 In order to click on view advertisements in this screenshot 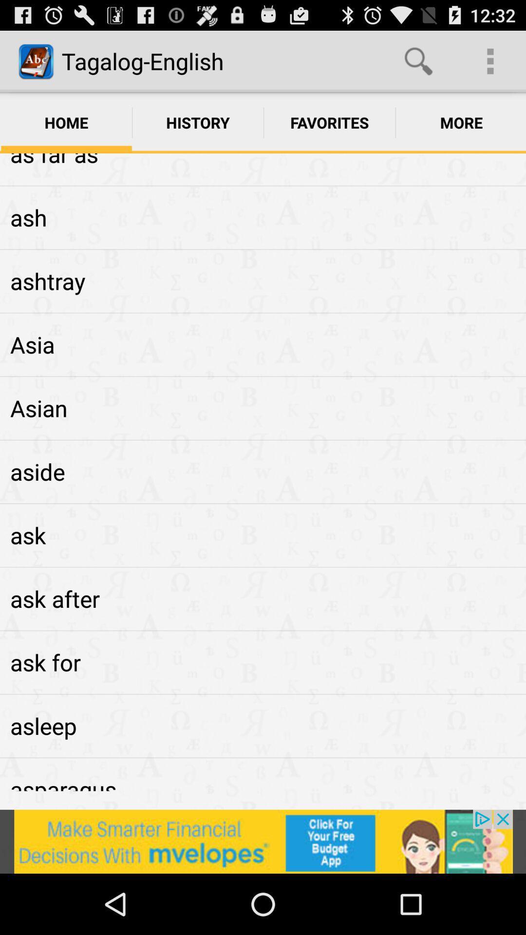, I will do `click(263, 841)`.